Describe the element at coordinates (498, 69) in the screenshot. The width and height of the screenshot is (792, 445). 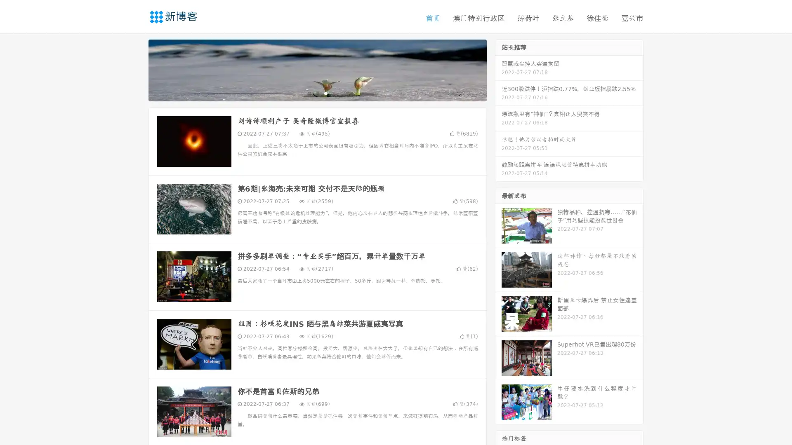
I see `Next slide` at that location.